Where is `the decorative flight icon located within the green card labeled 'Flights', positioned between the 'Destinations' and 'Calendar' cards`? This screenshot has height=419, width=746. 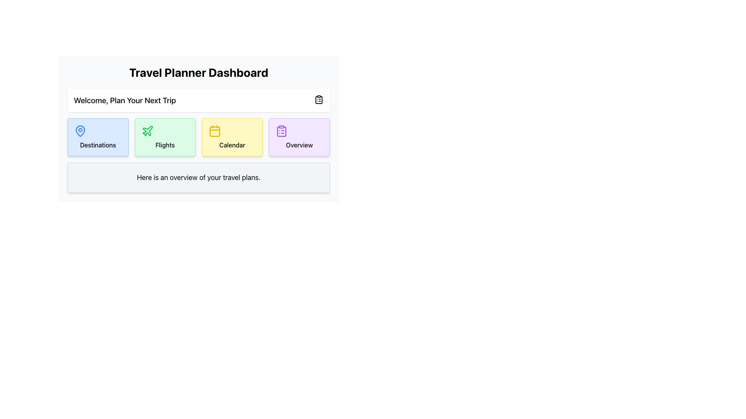 the decorative flight icon located within the green card labeled 'Flights', positioned between the 'Destinations' and 'Calendar' cards is located at coordinates (147, 131).